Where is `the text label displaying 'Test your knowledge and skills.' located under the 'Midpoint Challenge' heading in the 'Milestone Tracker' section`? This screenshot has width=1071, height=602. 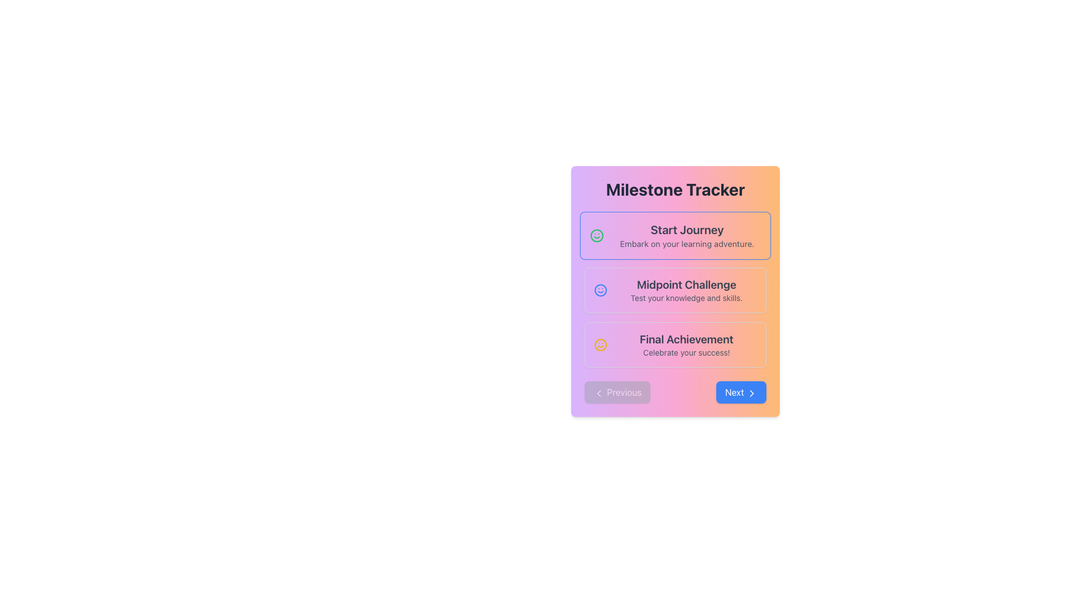 the text label displaying 'Test your knowledge and skills.' located under the 'Midpoint Challenge' heading in the 'Milestone Tracker' section is located at coordinates (686, 298).